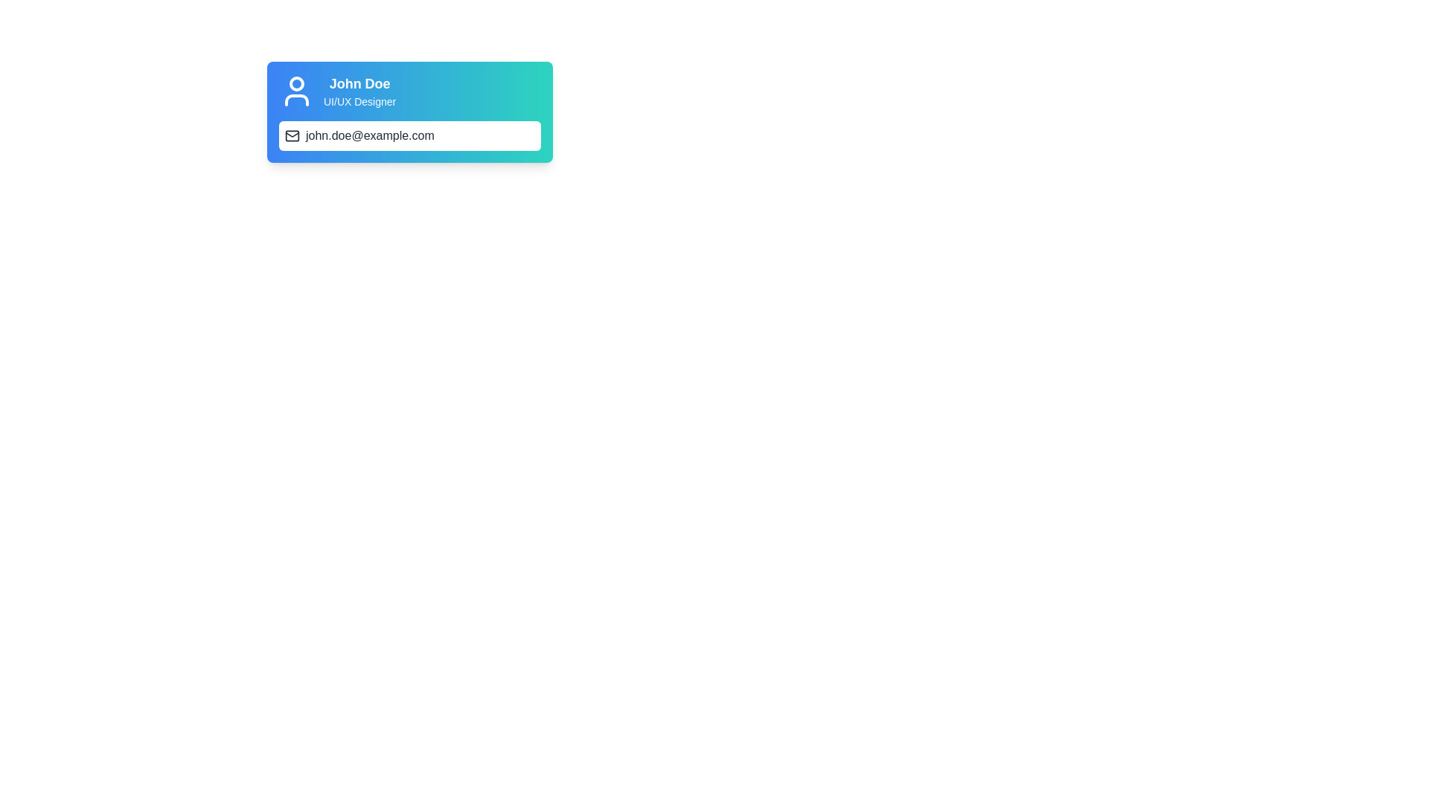 This screenshot has width=1429, height=803. Describe the element at coordinates (359, 101) in the screenshot. I see `text from the label displaying 'UI/UX Designer', which is styled in light blue and positioned below the bold title 'John Doe'` at that location.